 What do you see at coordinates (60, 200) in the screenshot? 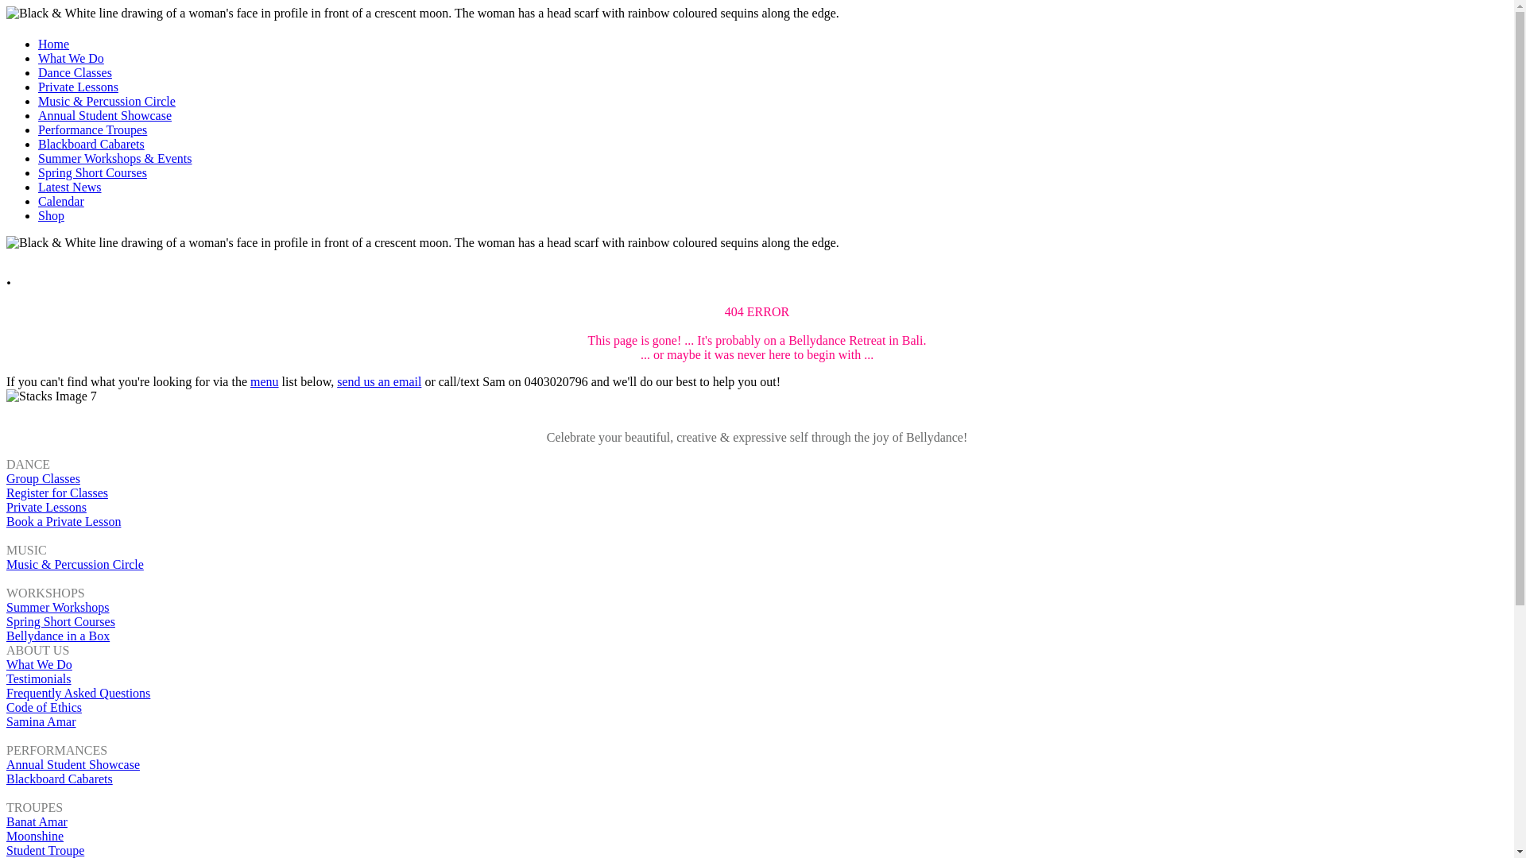
I see `'Calendar'` at bounding box center [60, 200].